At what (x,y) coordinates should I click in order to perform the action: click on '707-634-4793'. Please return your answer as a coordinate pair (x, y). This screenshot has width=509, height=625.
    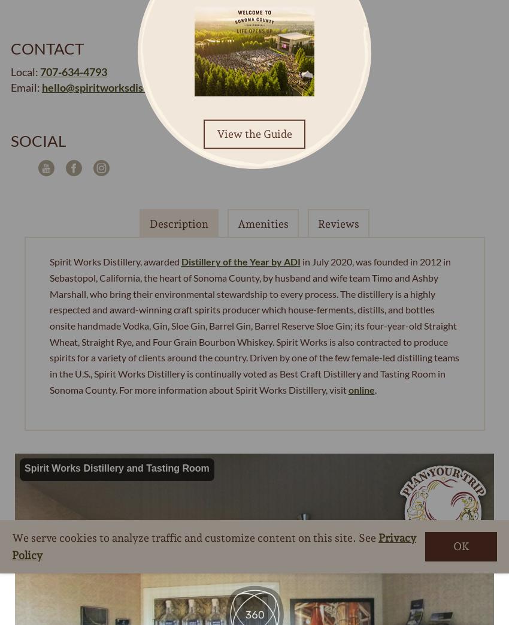
    Looking at the image, I should click on (72, 72).